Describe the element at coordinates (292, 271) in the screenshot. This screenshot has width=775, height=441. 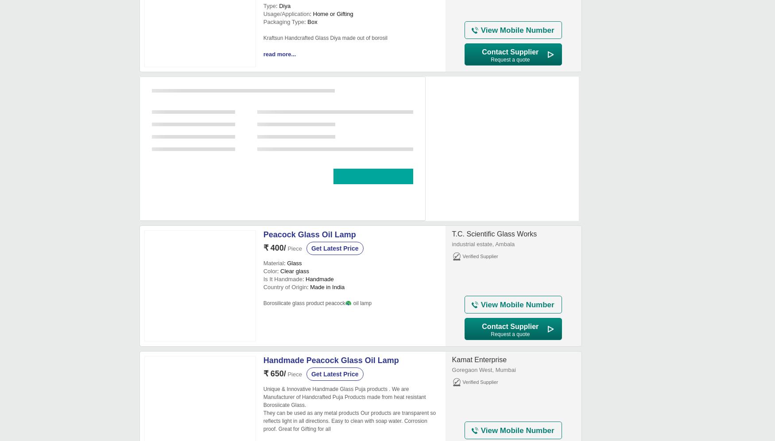
I see `':  Clear glass'` at that location.